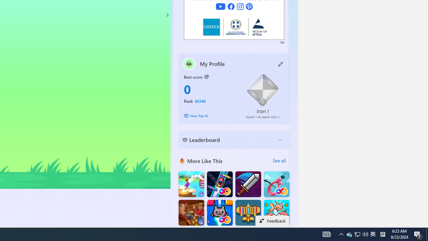 The height and width of the screenshot is (241, 428). I want to click on 'See all', so click(279, 160).